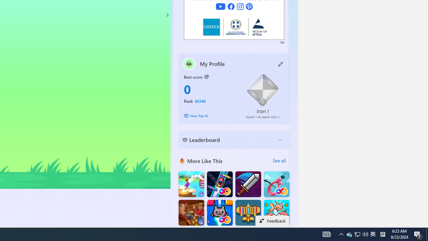 The height and width of the screenshot is (241, 428). I want to click on 'See all', so click(279, 160).